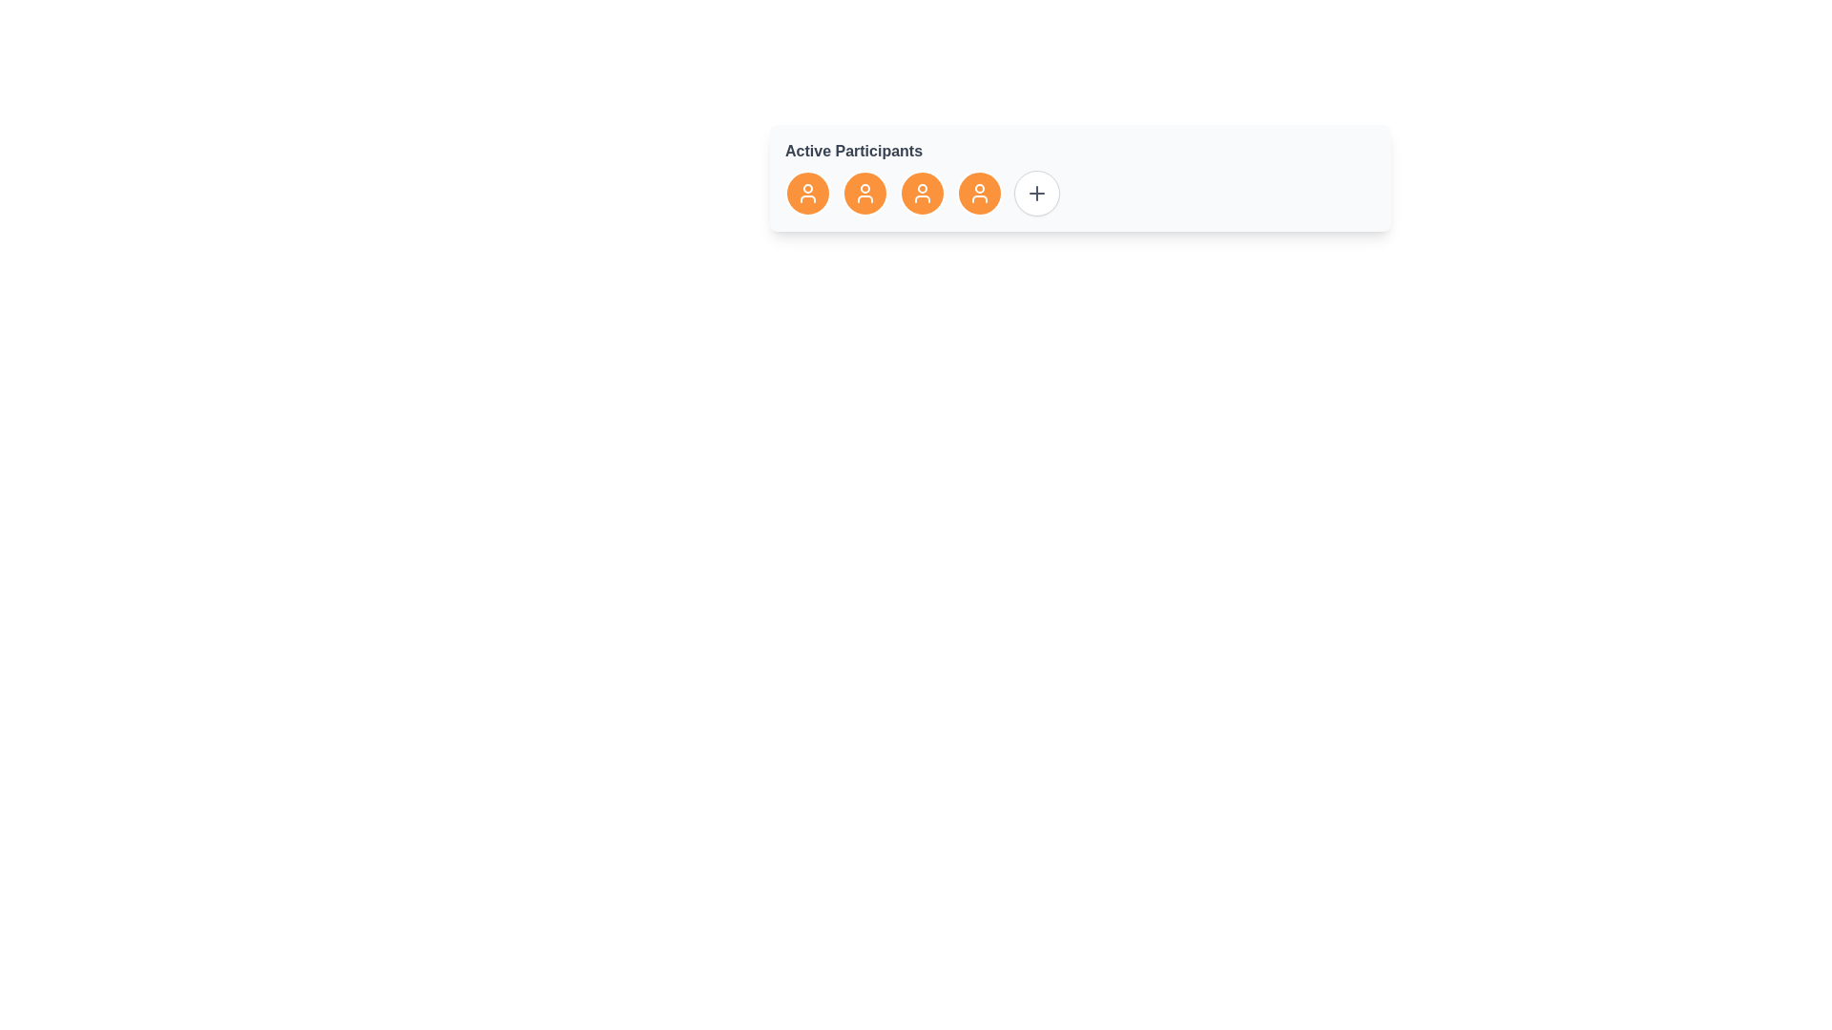 The image size is (1832, 1030). What do you see at coordinates (1035, 194) in the screenshot?
I see `the rounded button with a plus symbol located on the far-right side of a group of icons` at bounding box center [1035, 194].